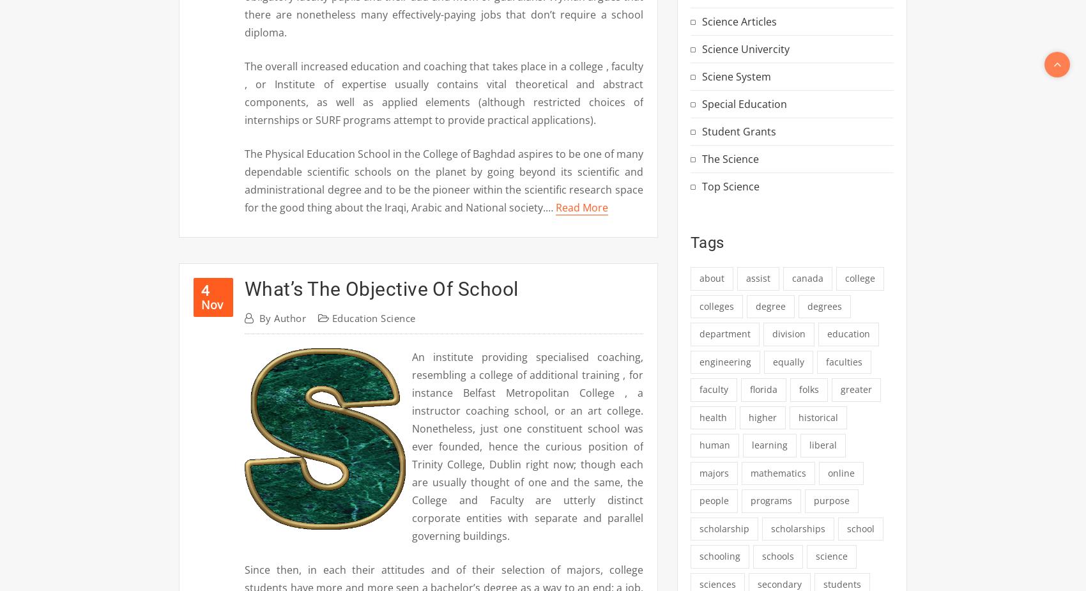 The width and height of the screenshot is (1086, 591). What do you see at coordinates (582, 207) in the screenshot?
I see `'Read More'` at bounding box center [582, 207].